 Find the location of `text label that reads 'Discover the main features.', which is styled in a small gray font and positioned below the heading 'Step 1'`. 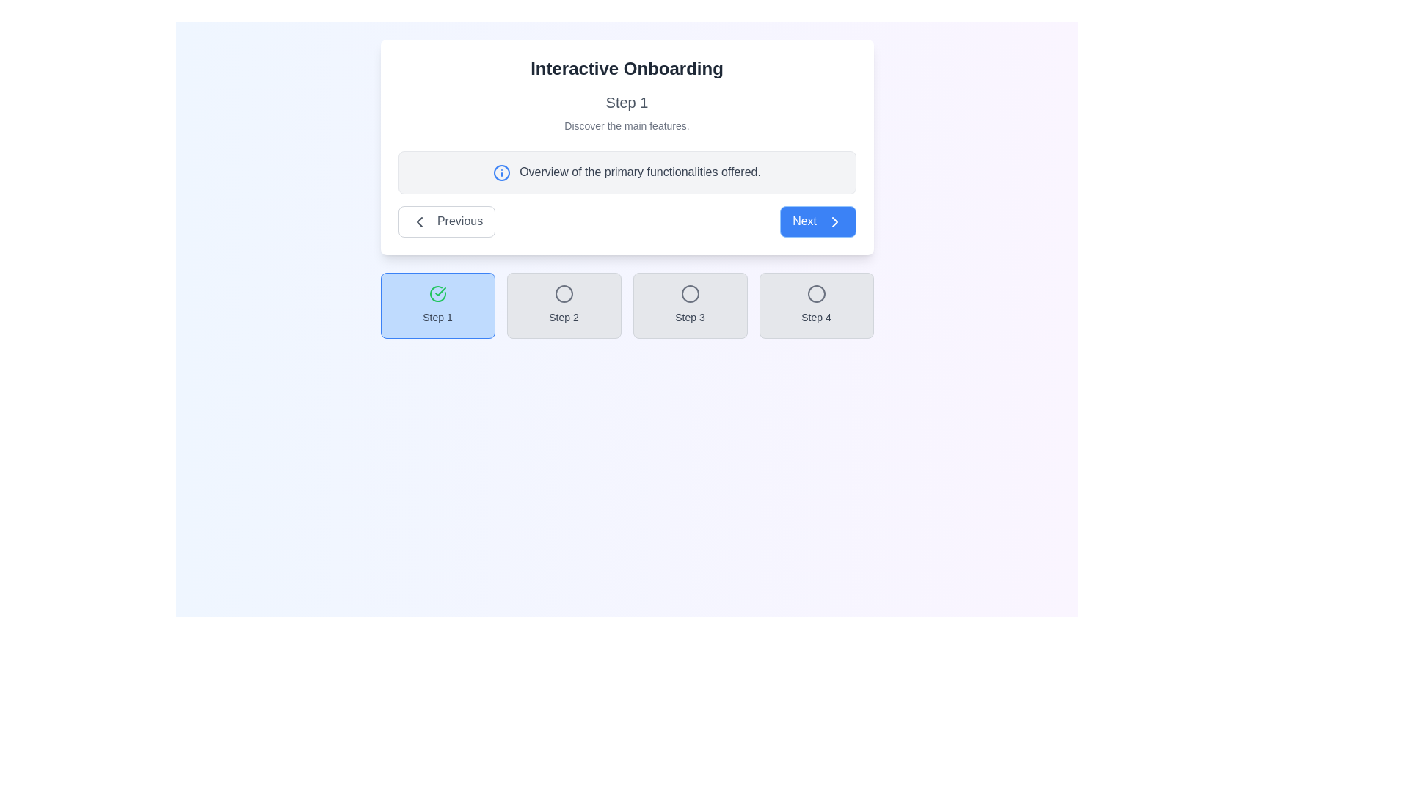

text label that reads 'Discover the main features.', which is styled in a small gray font and positioned below the heading 'Step 1' is located at coordinates (627, 125).